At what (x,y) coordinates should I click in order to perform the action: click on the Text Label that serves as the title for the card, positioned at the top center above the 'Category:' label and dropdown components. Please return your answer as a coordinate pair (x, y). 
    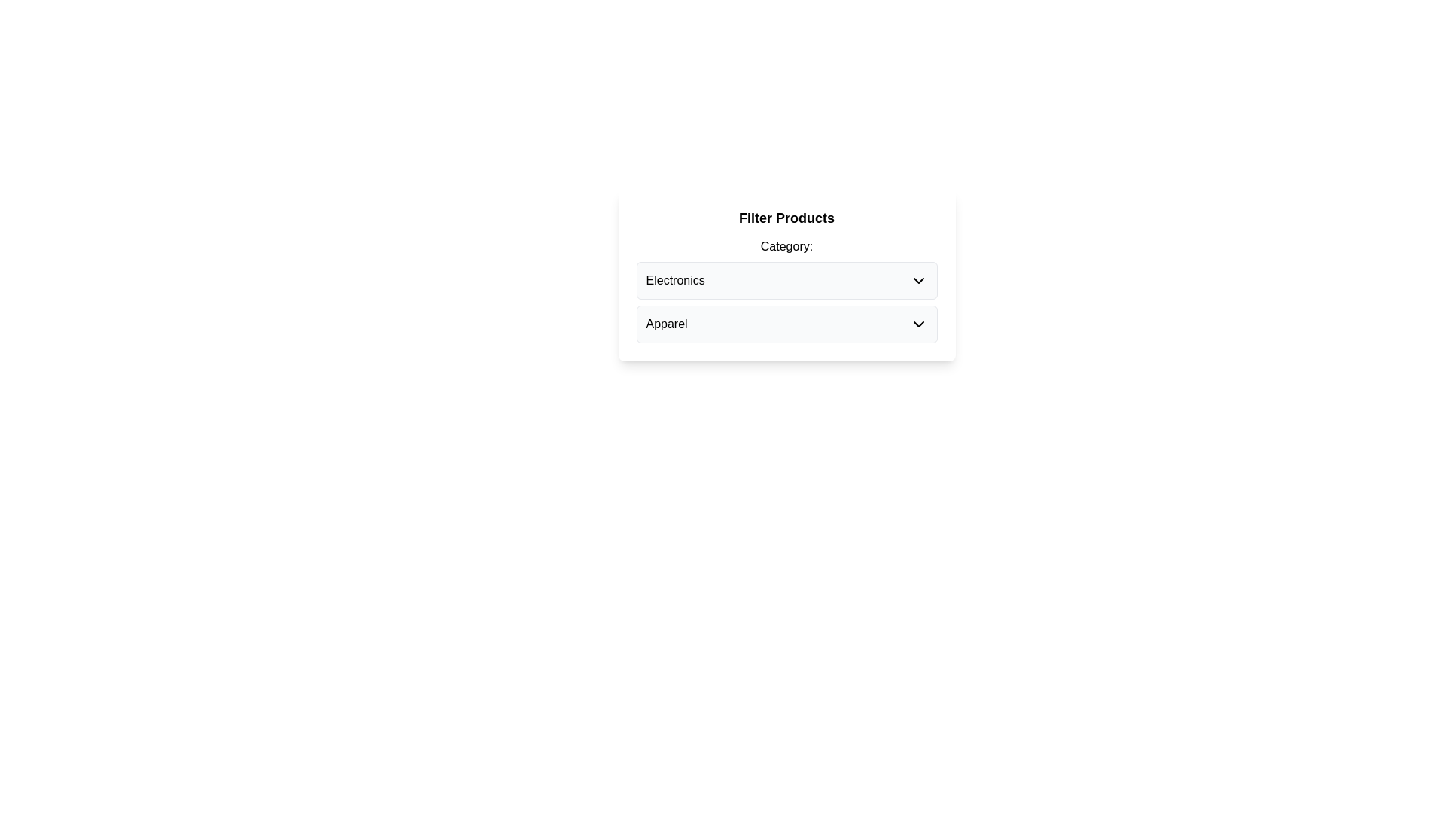
    Looking at the image, I should click on (786, 218).